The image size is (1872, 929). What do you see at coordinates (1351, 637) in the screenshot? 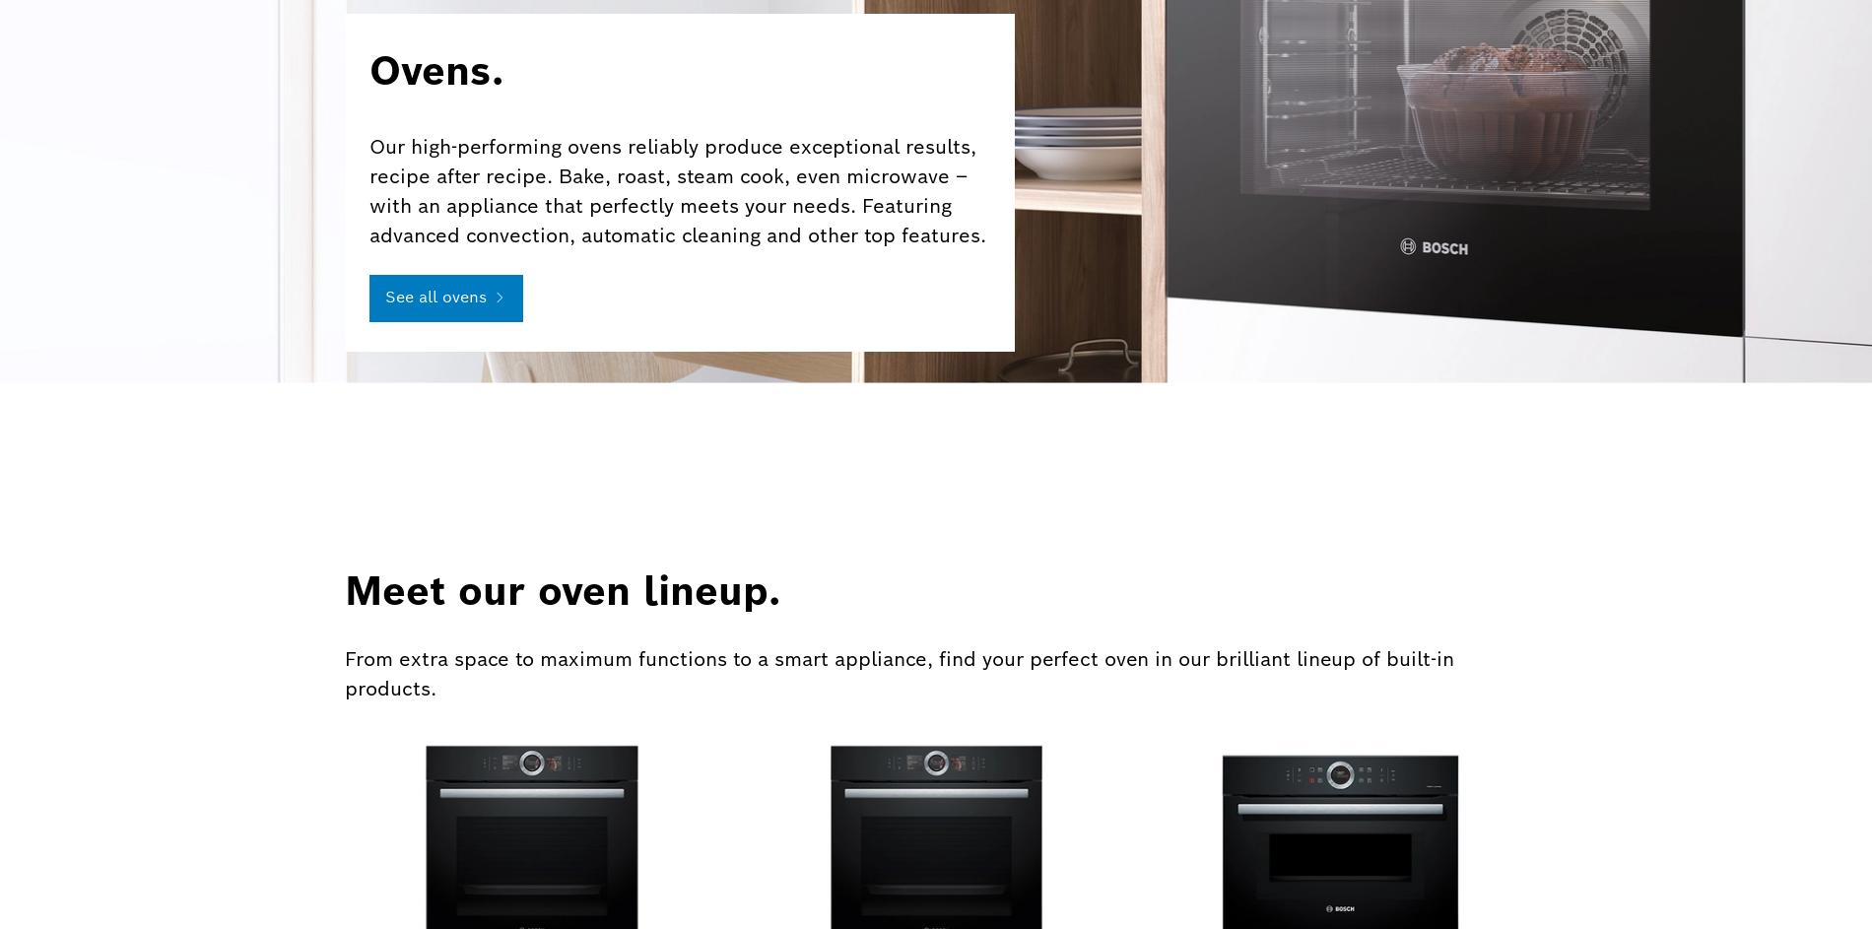
I see `'Find dealers or service shops near you!'` at bounding box center [1351, 637].